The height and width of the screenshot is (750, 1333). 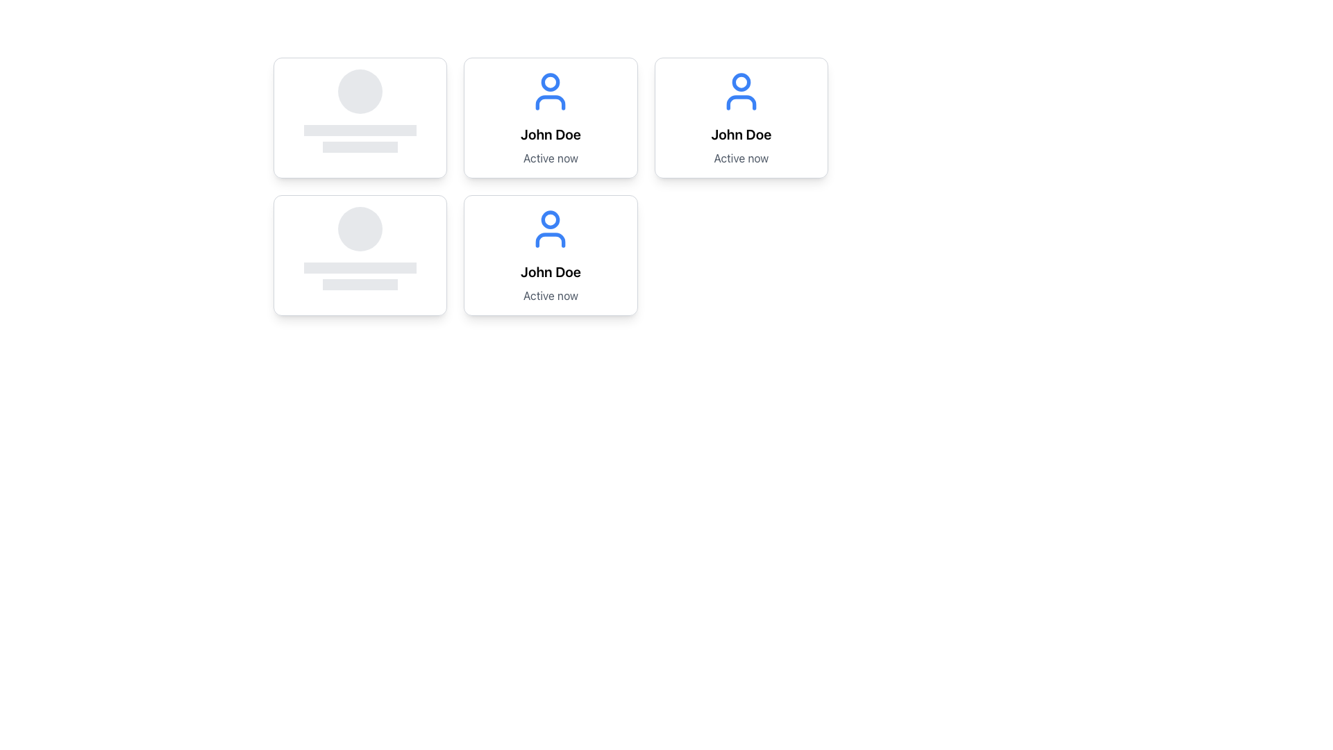 I want to click on the Profile card located in the bottom row, second column from the left, which displays the user's name and activity status, so click(x=550, y=255).